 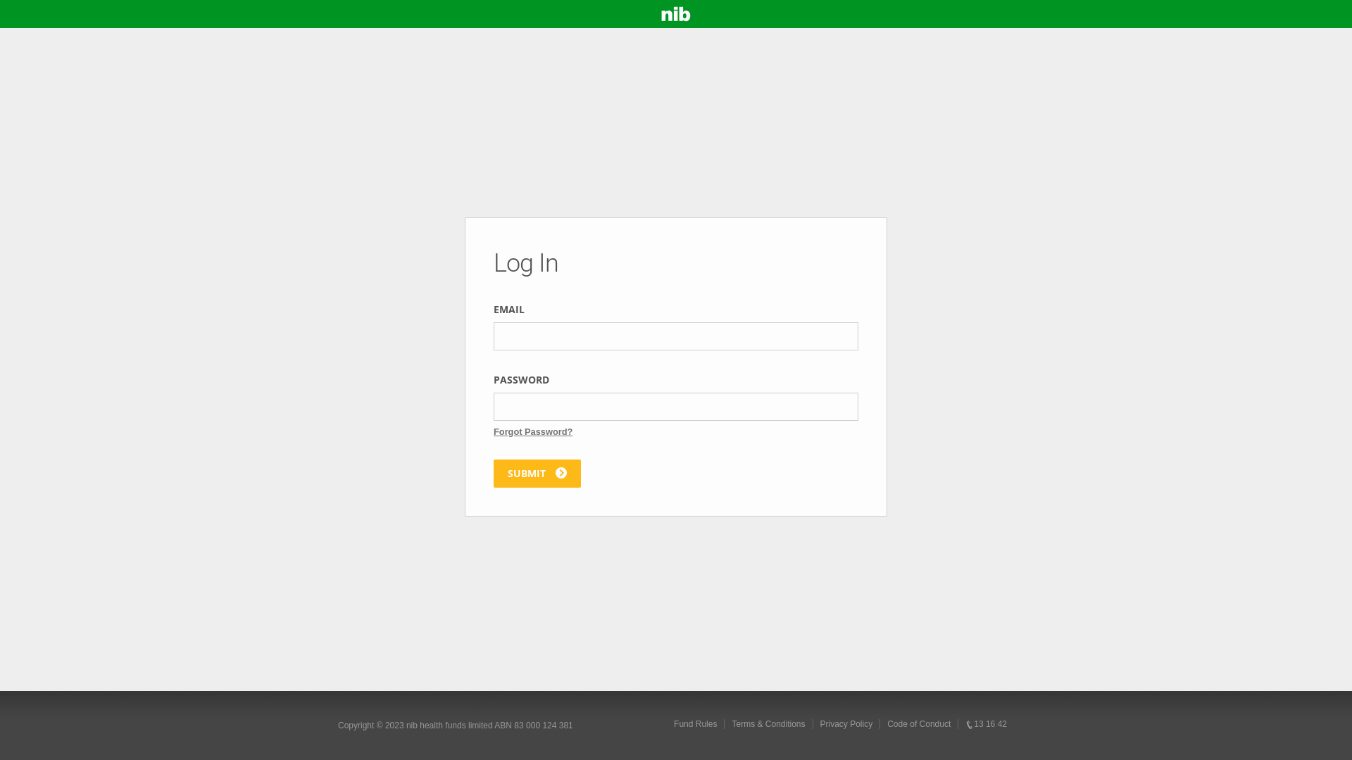 What do you see at coordinates (918, 724) in the screenshot?
I see `'Code of Conduct'` at bounding box center [918, 724].